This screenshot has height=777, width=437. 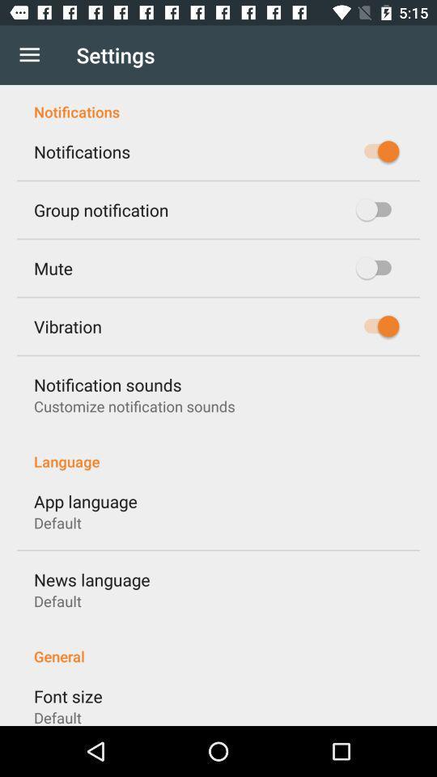 I want to click on mute, so click(x=53, y=268).